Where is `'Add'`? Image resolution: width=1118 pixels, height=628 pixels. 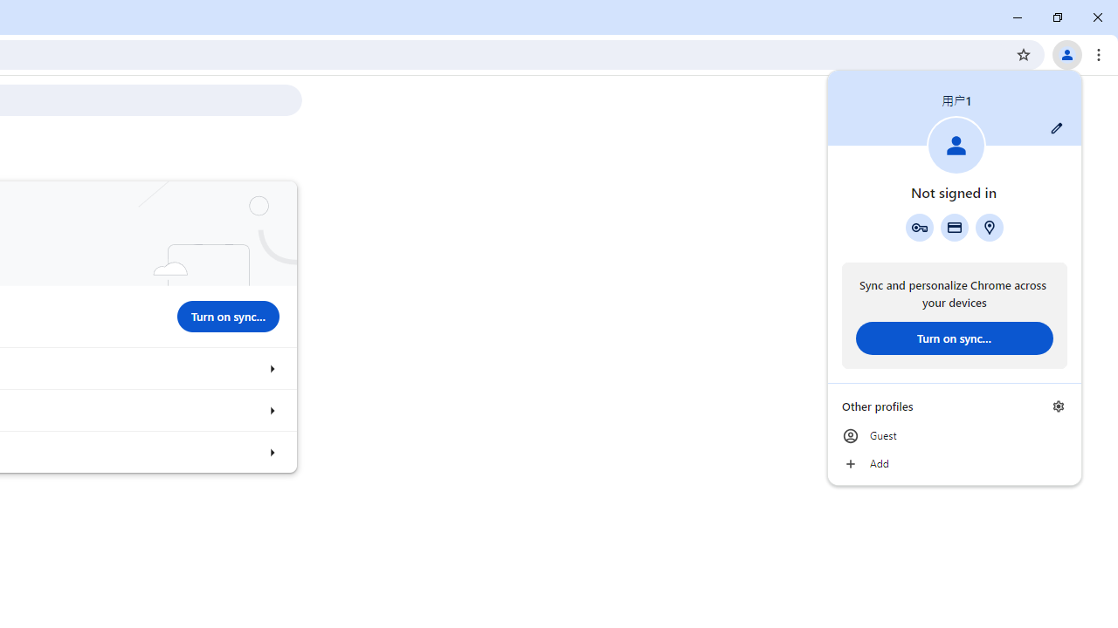 'Add' is located at coordinates (954, 463).